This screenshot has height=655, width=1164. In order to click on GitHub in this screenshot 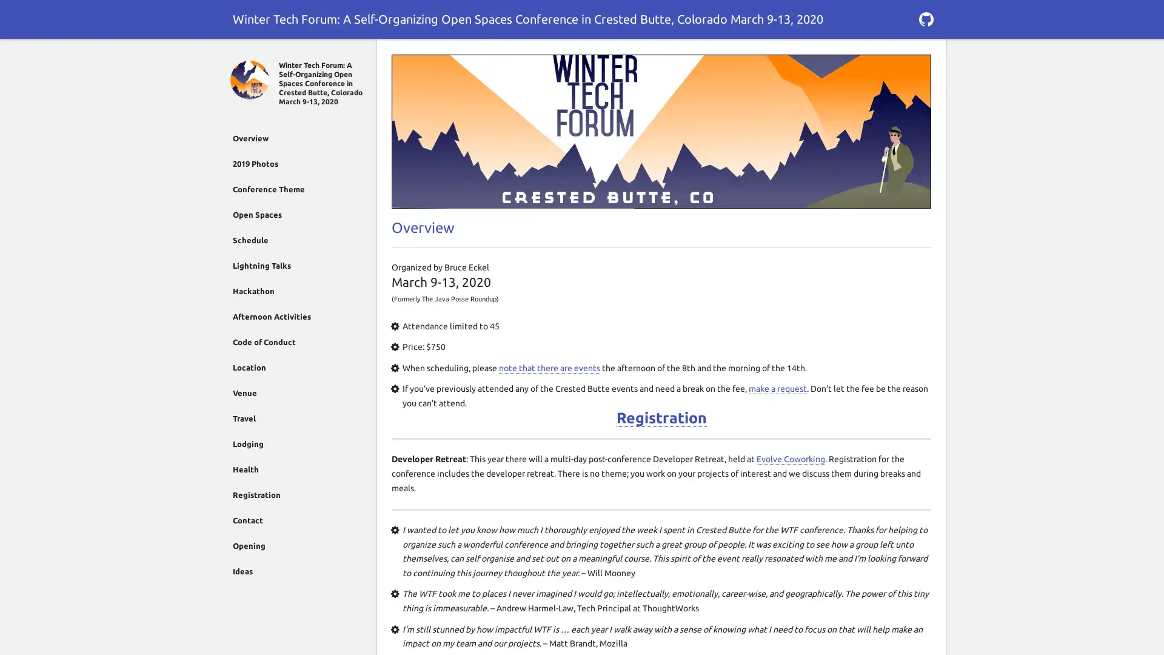, I will do `click(925, 19)`.